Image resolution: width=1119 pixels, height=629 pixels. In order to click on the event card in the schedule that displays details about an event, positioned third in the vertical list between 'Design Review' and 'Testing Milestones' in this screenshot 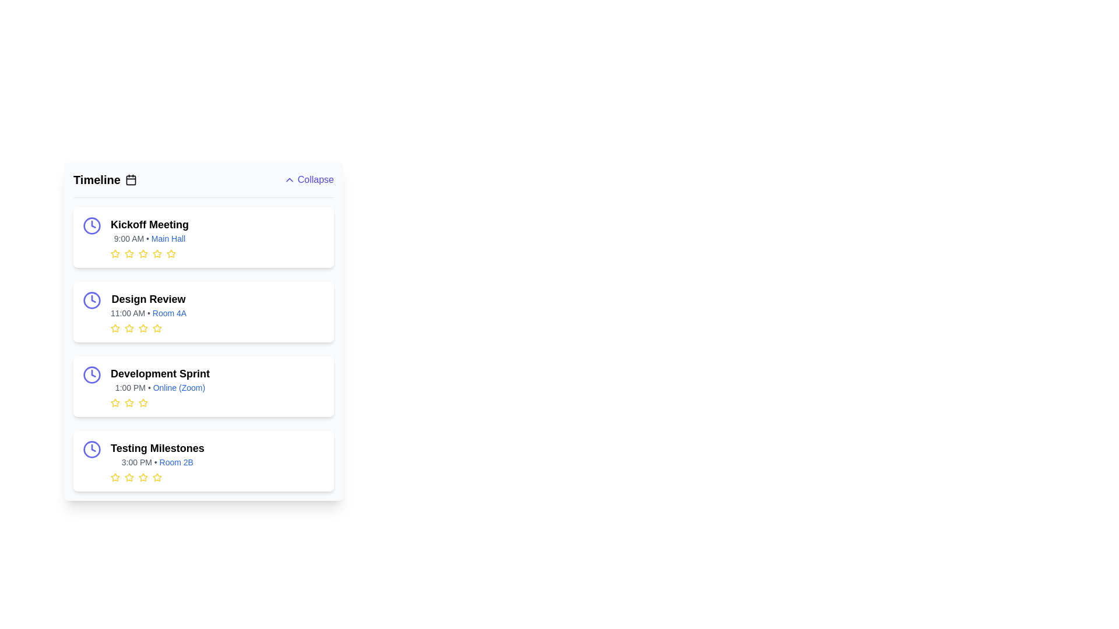, I will do `click(203, 386)`.